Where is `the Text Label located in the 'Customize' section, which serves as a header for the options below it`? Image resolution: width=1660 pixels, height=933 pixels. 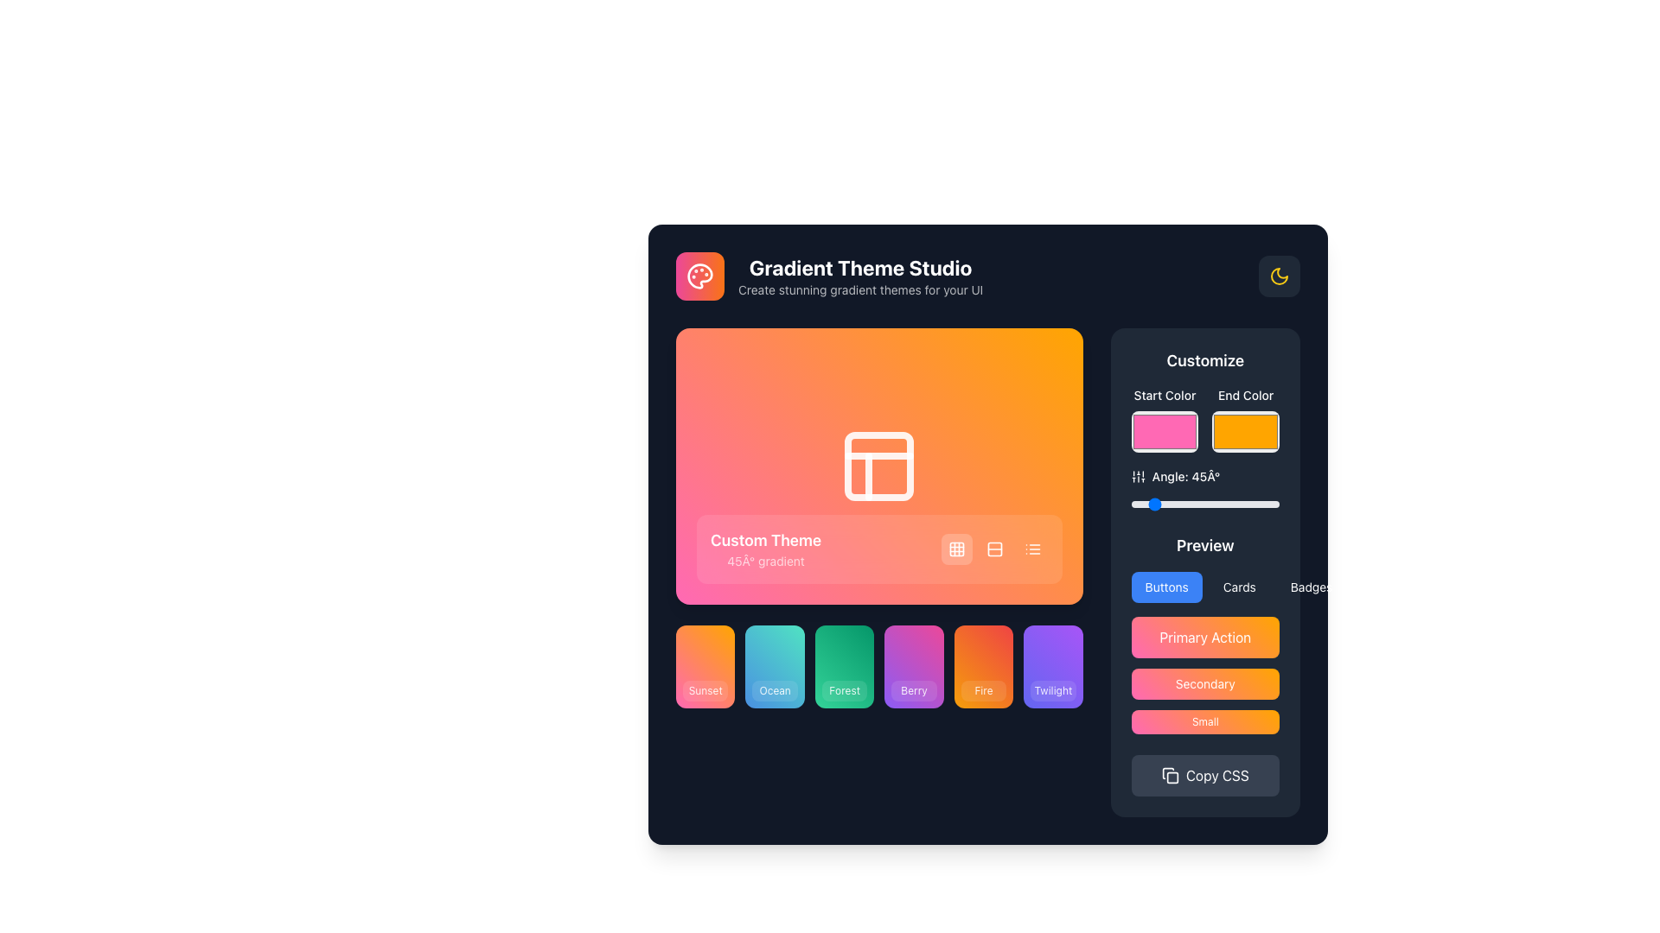
the Text Label located in the 'Customize' section, which serves as a header for the options below it is located at coordinates (1204, 546).